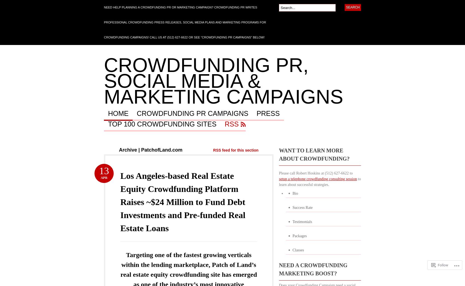  Describe the element at coordinates (292, 193) in the screenshot. I see `'Bio'` at that location.